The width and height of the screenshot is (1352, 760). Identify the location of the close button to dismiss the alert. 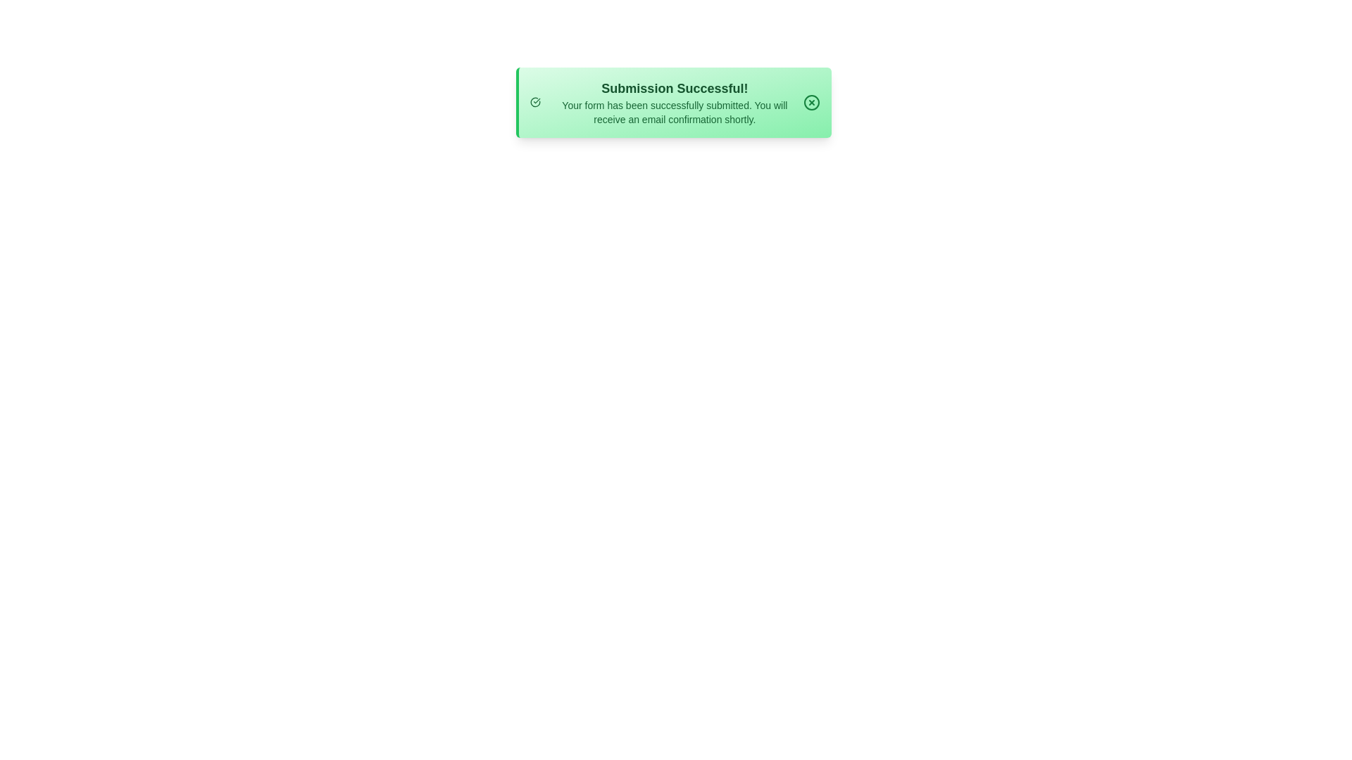
(811, 102).